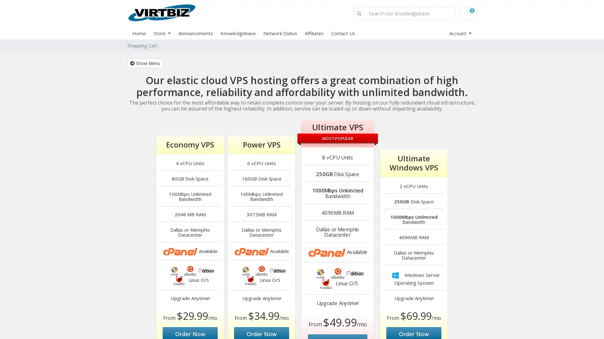 Image resolution: width=604 pixels, height=339 pixels. What do you see at coordinates (145, 63) in the screenshot?
I see `Show Menu` at bounding box center [145, 63].